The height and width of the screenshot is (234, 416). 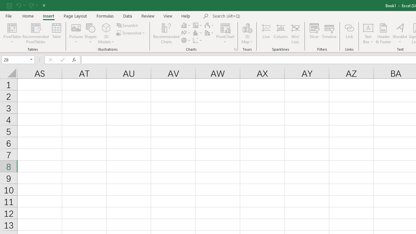 What do you see at coordinates (225, 27) in the screenshot?
I see `'PivotChart'` at bounding box center [225, 27].